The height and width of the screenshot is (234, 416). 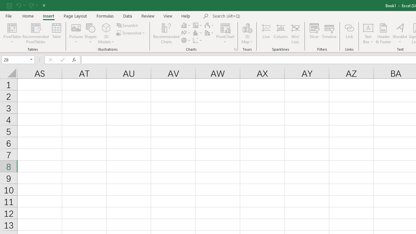 What do you see at coordinates (225, 27) in the screenshot?
I see `'PivotChart'` at bounding box center [225, 27].